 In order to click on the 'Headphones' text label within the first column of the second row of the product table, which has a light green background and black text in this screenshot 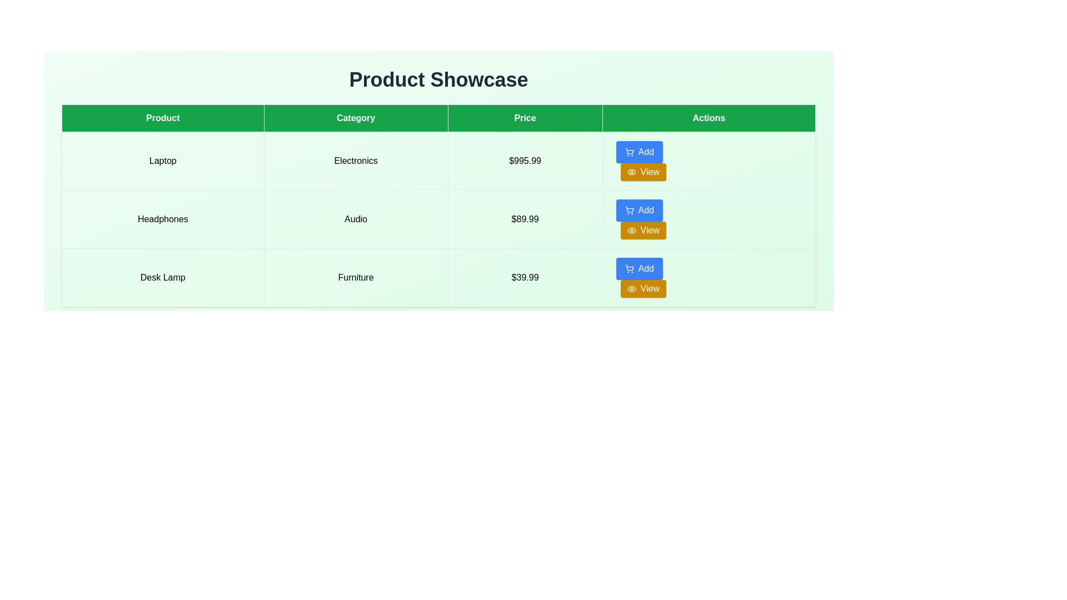, I will do `click(162, 219)`.